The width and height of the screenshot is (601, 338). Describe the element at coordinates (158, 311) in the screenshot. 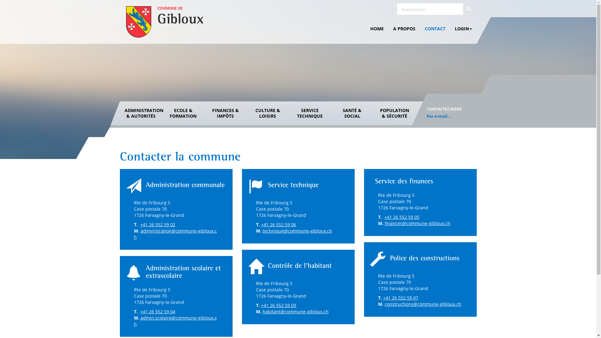

I see `'+41 26 552 59 04'` at that location.